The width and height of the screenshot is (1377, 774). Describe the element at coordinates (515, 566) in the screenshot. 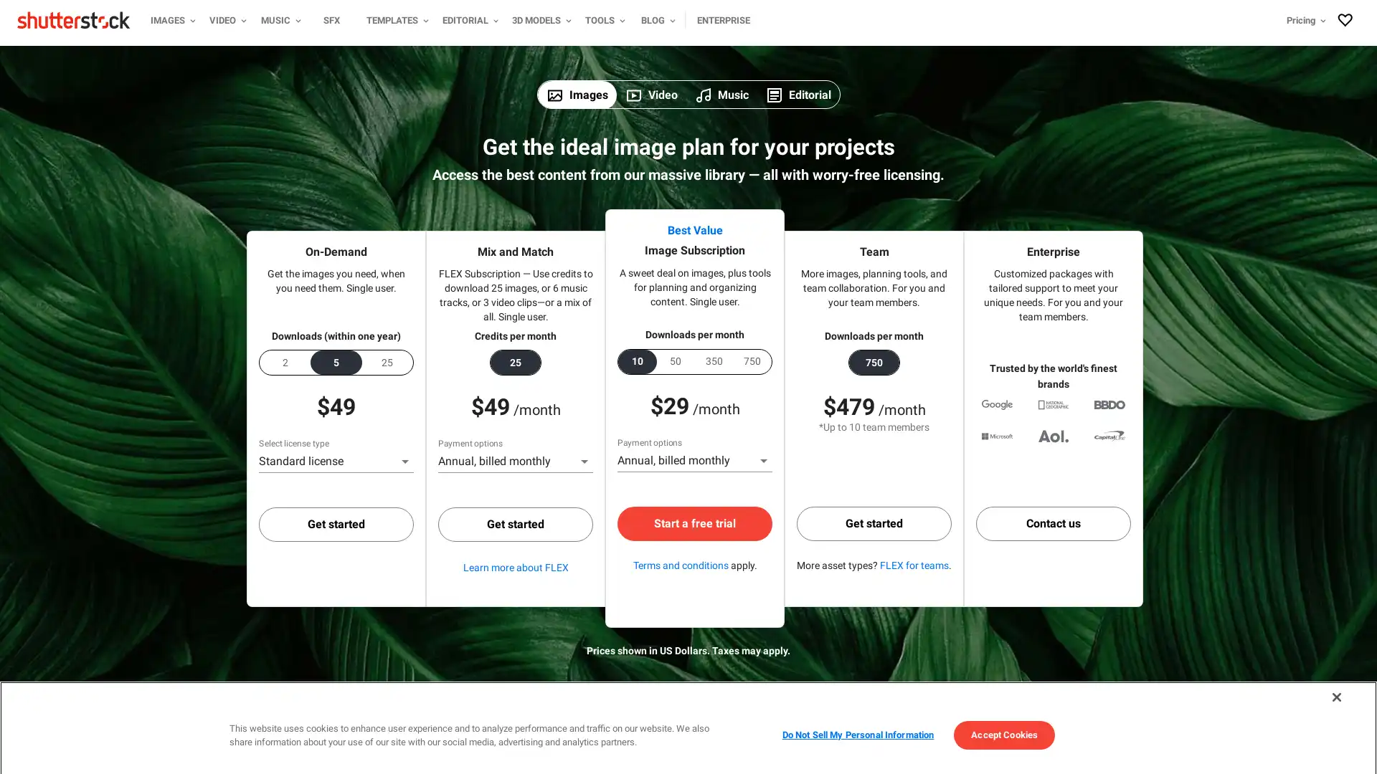

I see `Learn more about FLEX` at that location.